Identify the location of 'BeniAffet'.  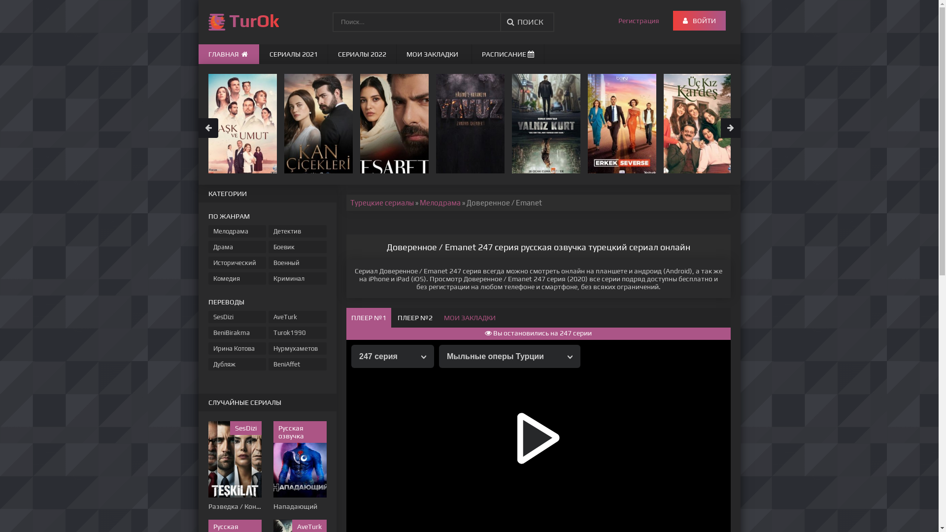
(297, 364).